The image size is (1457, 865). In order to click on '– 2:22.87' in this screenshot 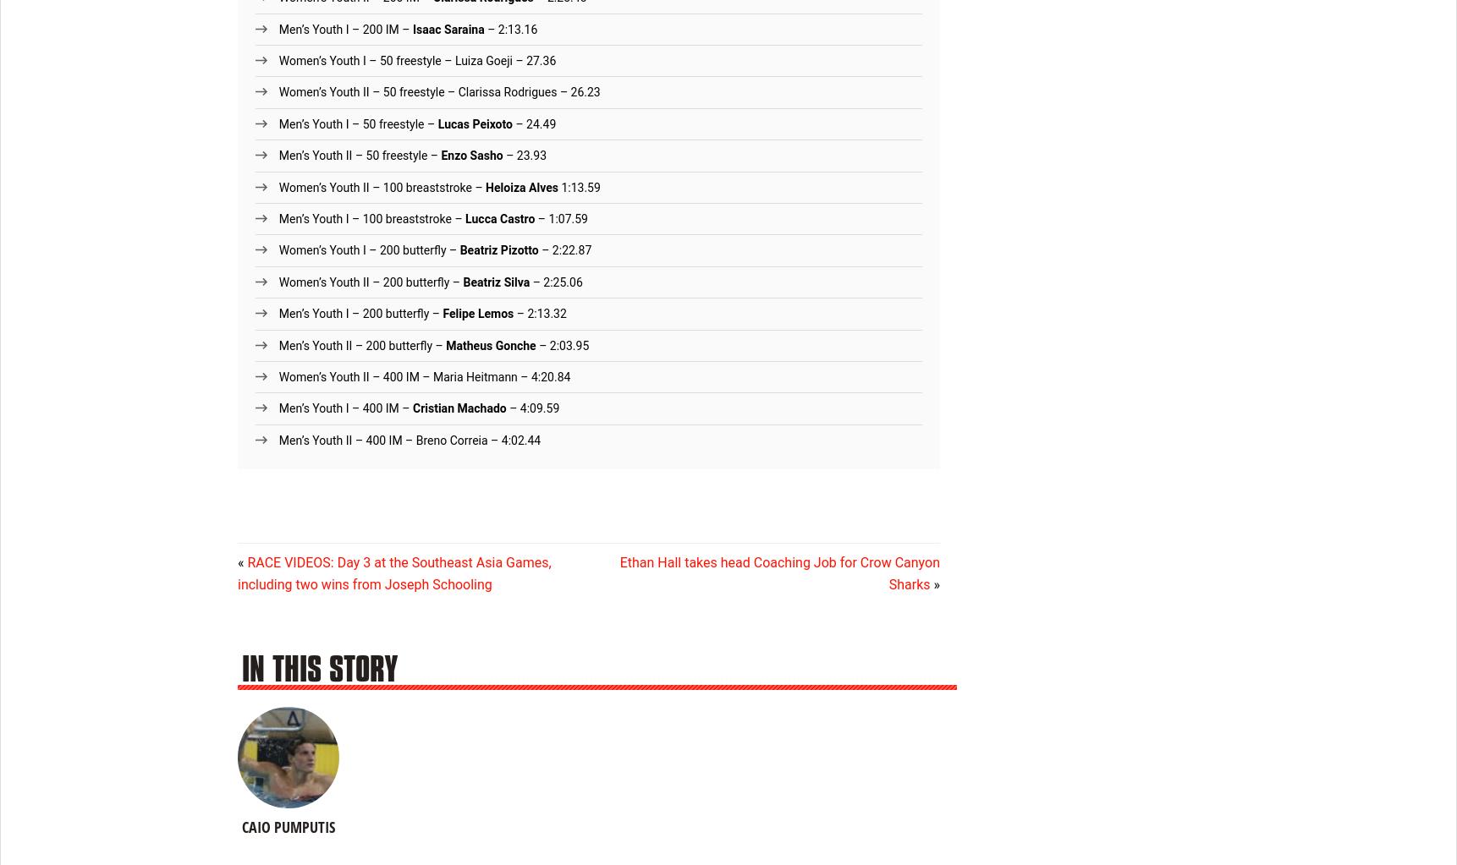, I will do `click(537, 249)`.